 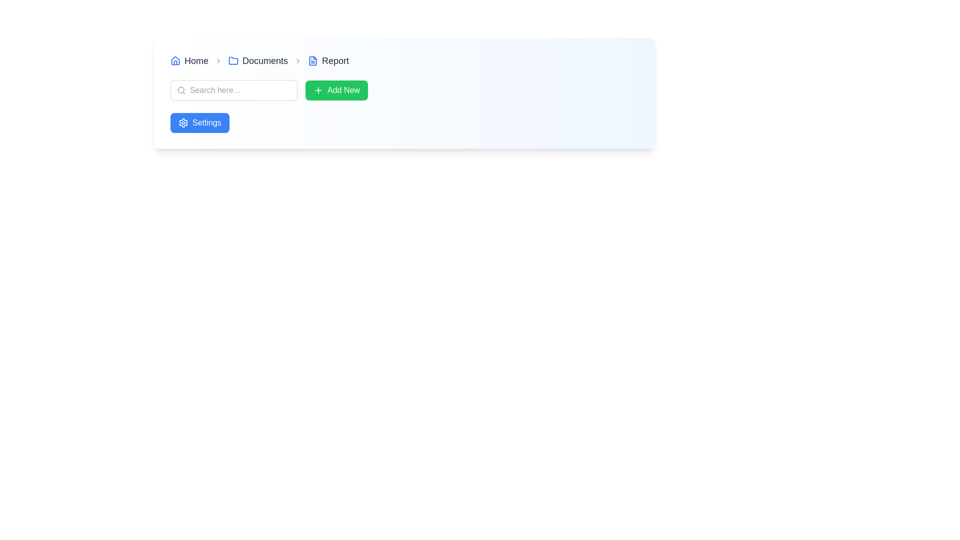 I want to click on the chevron icon that separates the 'Documents' and 'Report' breadcrumb items in the navigation bar, so click(x=297, y=61).